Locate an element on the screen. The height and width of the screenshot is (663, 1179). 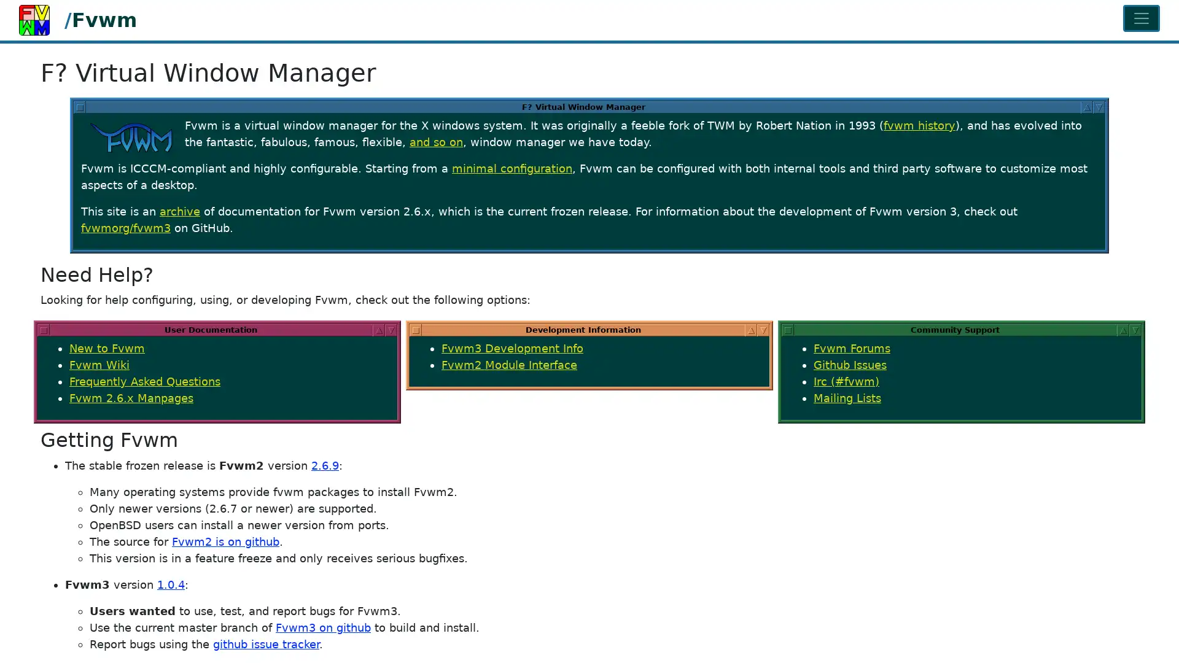
Toggle navigation is located at coordinates (1140, 18).